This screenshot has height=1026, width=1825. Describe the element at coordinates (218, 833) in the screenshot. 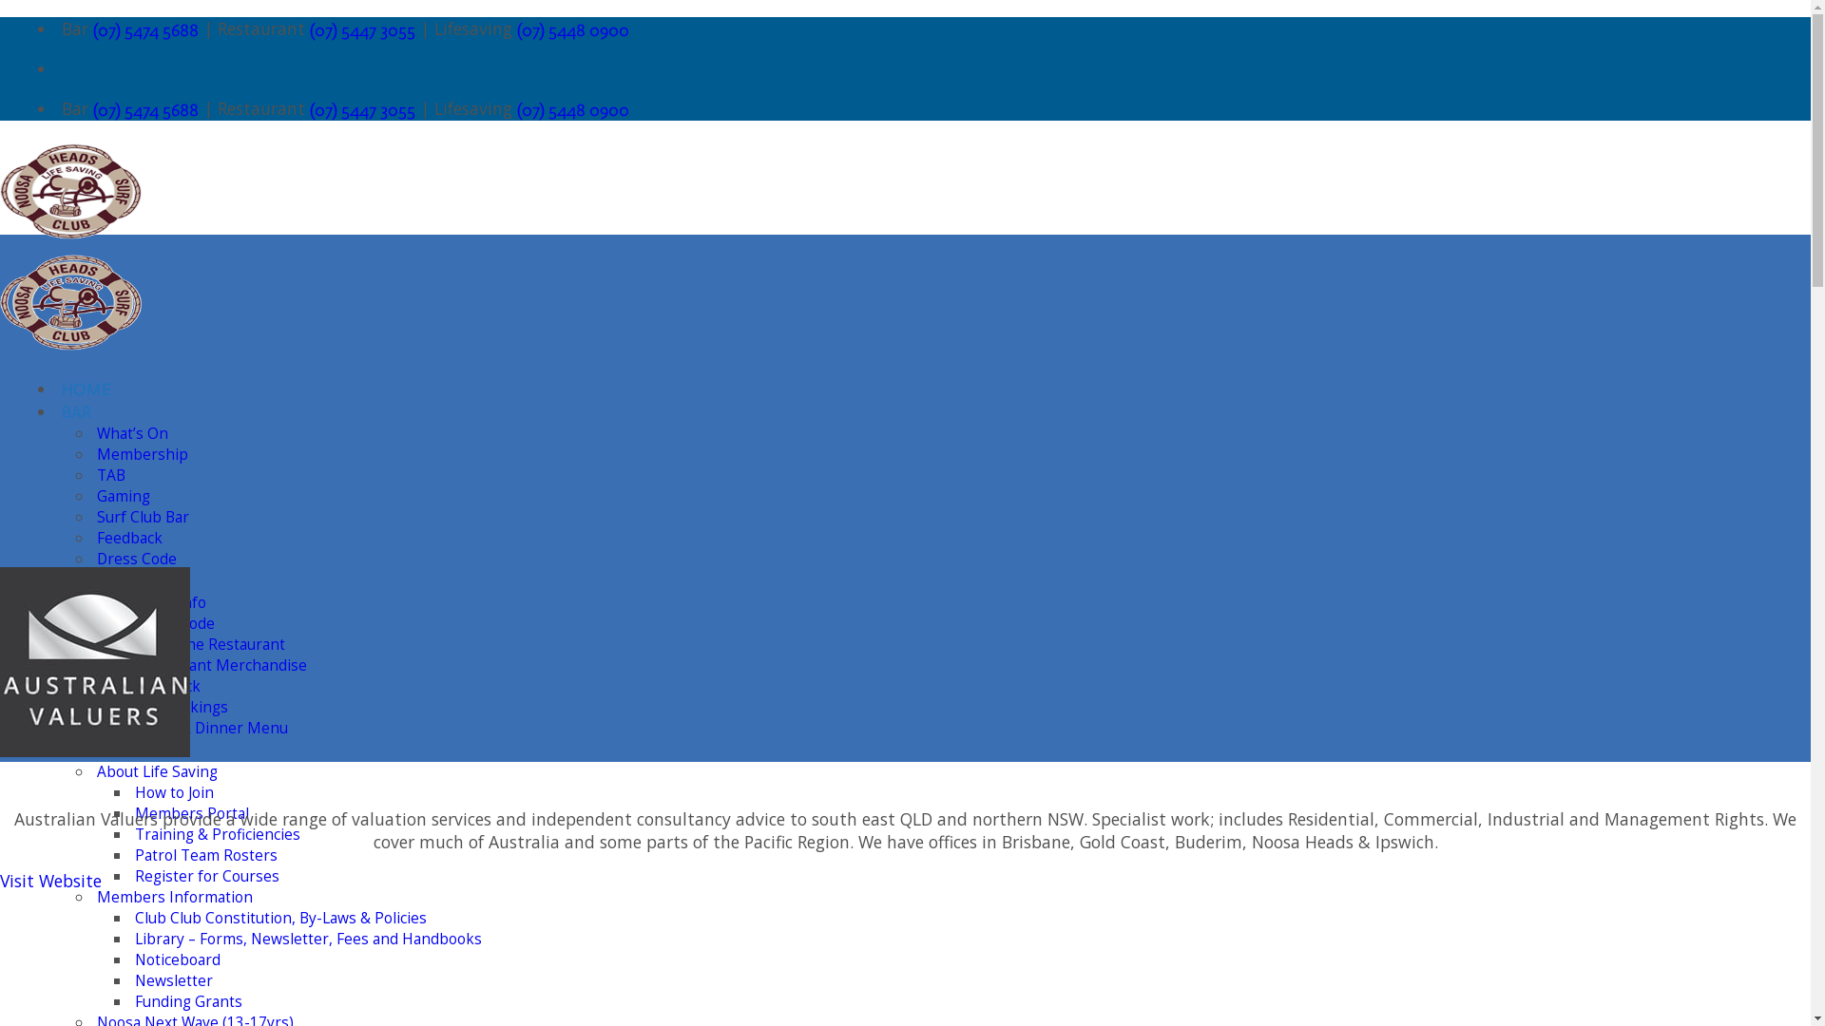

I see `'Training & Proficiencies'` at that location.